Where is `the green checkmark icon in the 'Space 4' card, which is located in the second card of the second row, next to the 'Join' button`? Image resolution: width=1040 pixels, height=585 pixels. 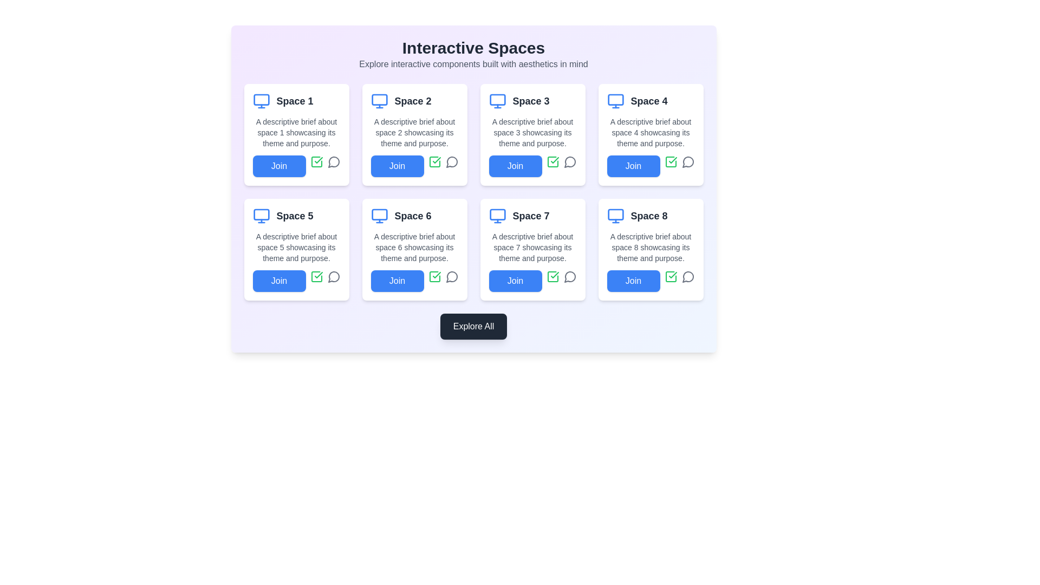 the green checkmark icon in the 'Space 4' card, which is located in the second card of the second row, next to the 'Join' button is located at coordinates (672, 160).